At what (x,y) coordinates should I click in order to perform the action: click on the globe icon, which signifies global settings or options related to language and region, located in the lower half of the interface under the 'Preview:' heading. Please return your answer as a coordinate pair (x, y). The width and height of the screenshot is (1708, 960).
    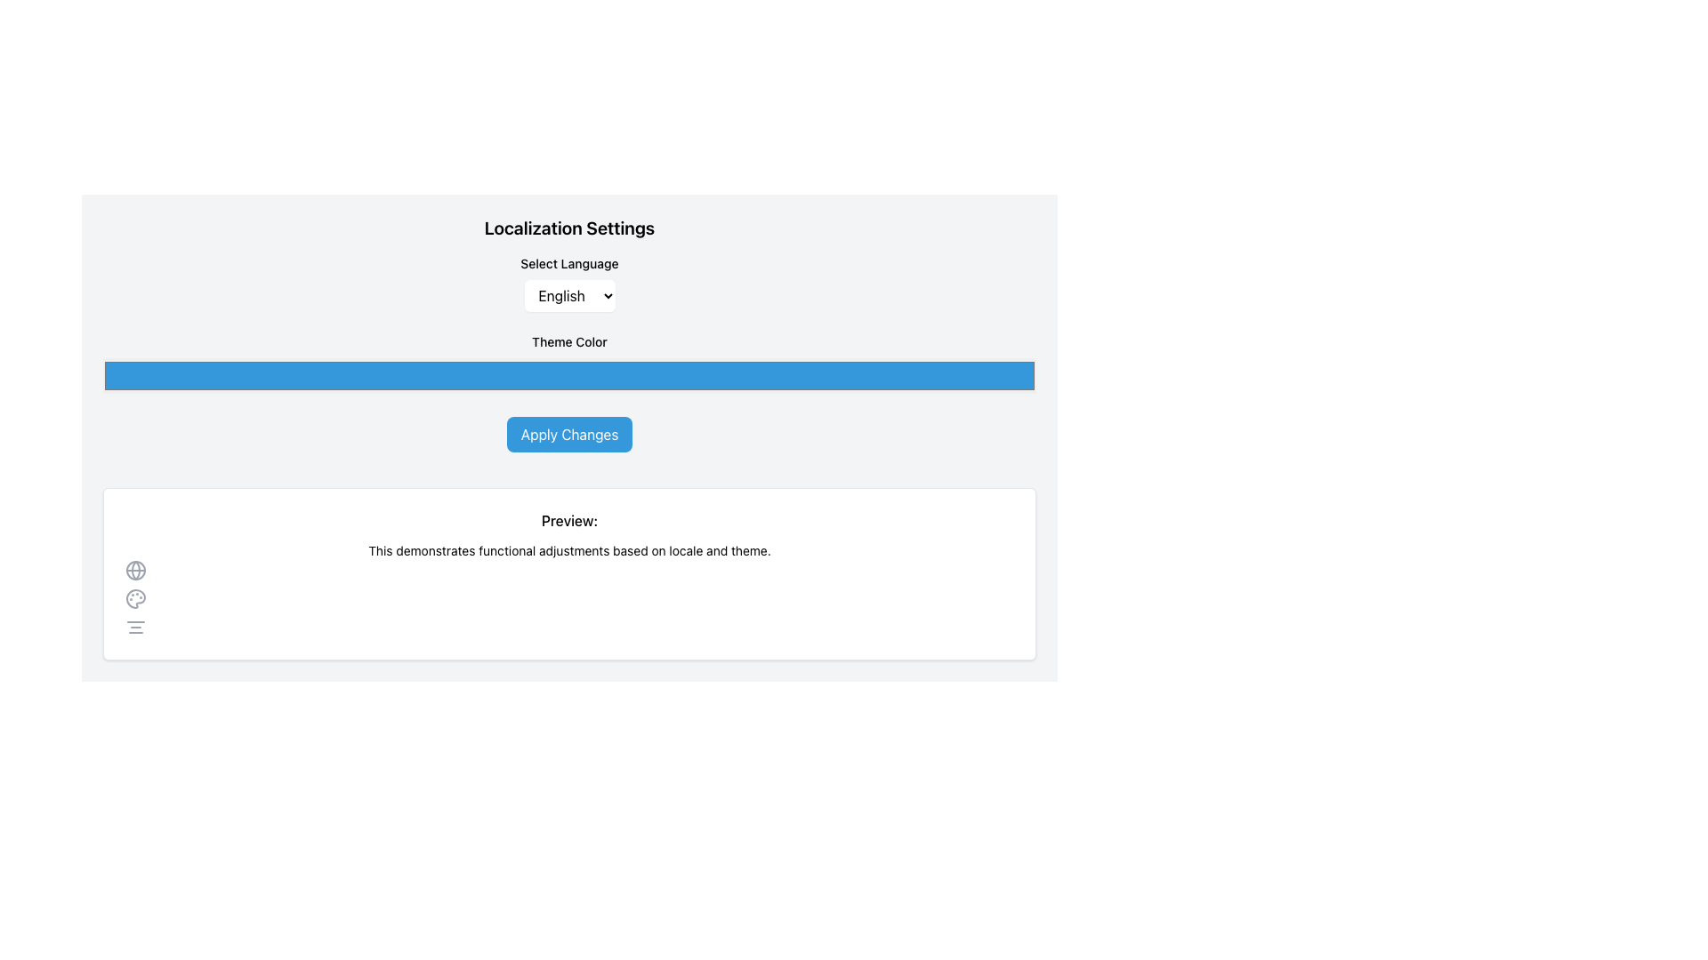
    Looking at the image, I should click on (135, 570).